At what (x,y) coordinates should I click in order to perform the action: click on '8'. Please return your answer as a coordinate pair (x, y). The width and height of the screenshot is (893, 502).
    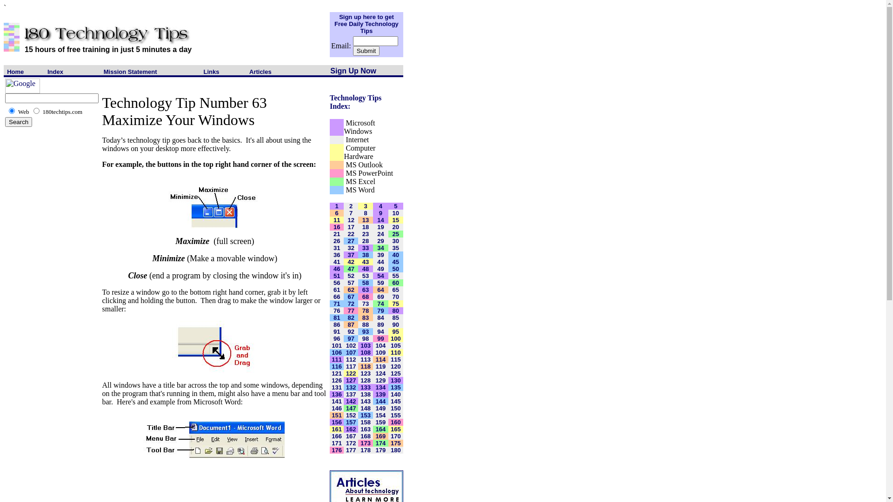
    Looking at the image, I should click on (365, 213).